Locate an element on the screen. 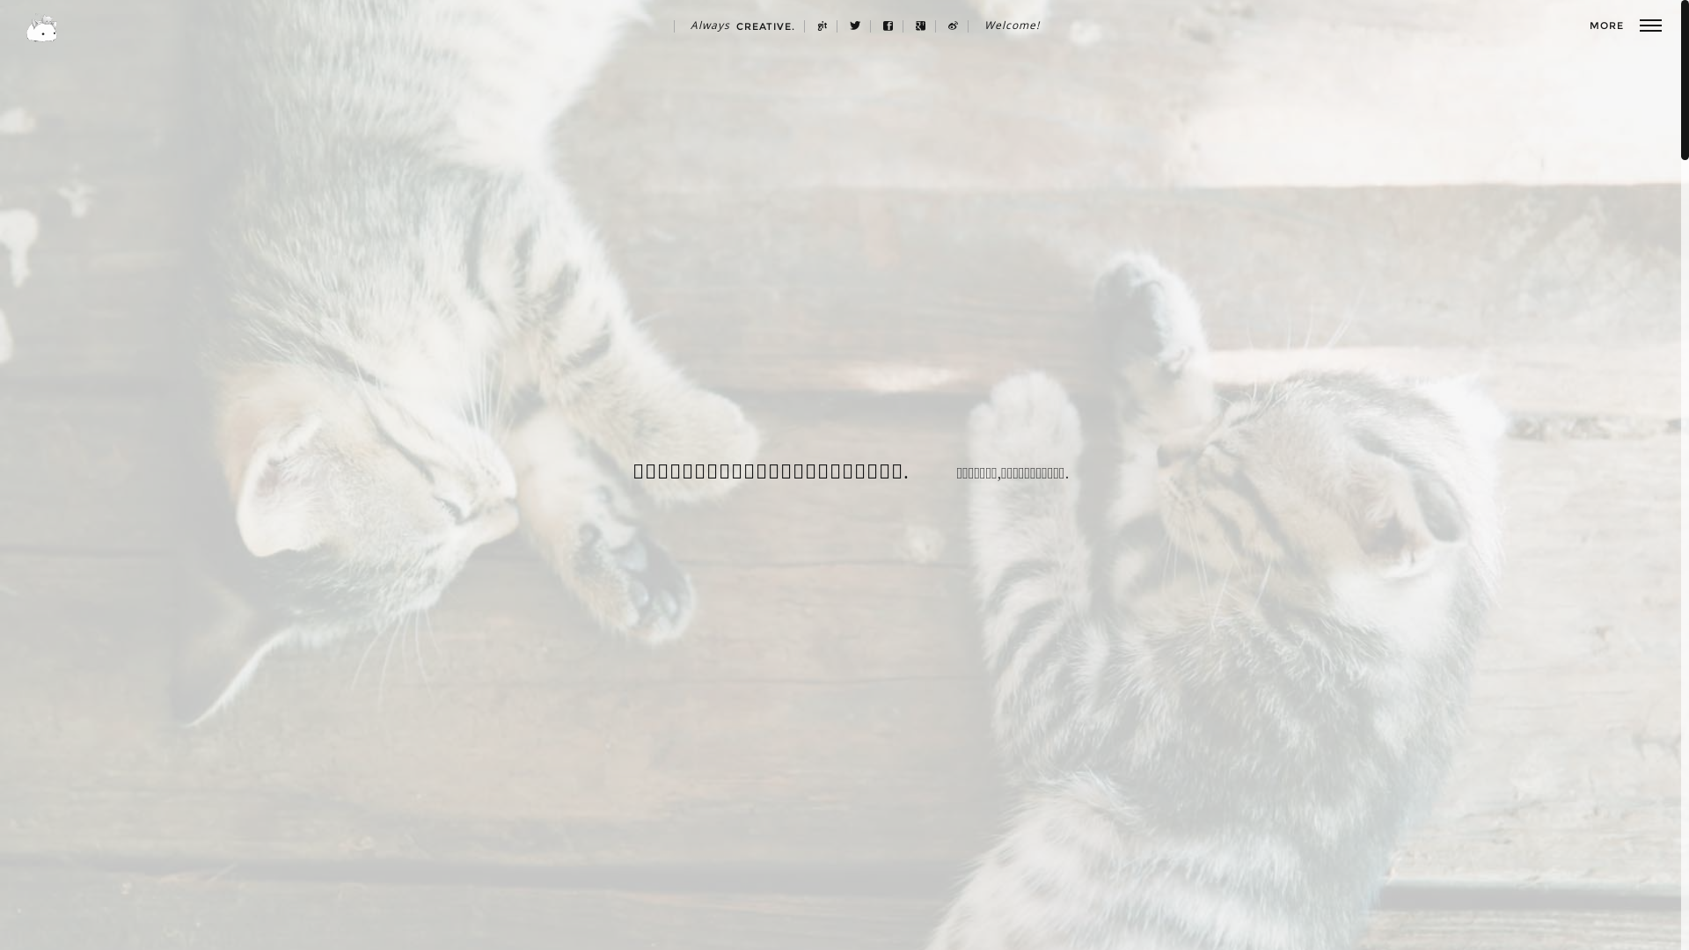 This screenshot has width=1689, height=950. 'Logo' is located at coordinates (41, 27).